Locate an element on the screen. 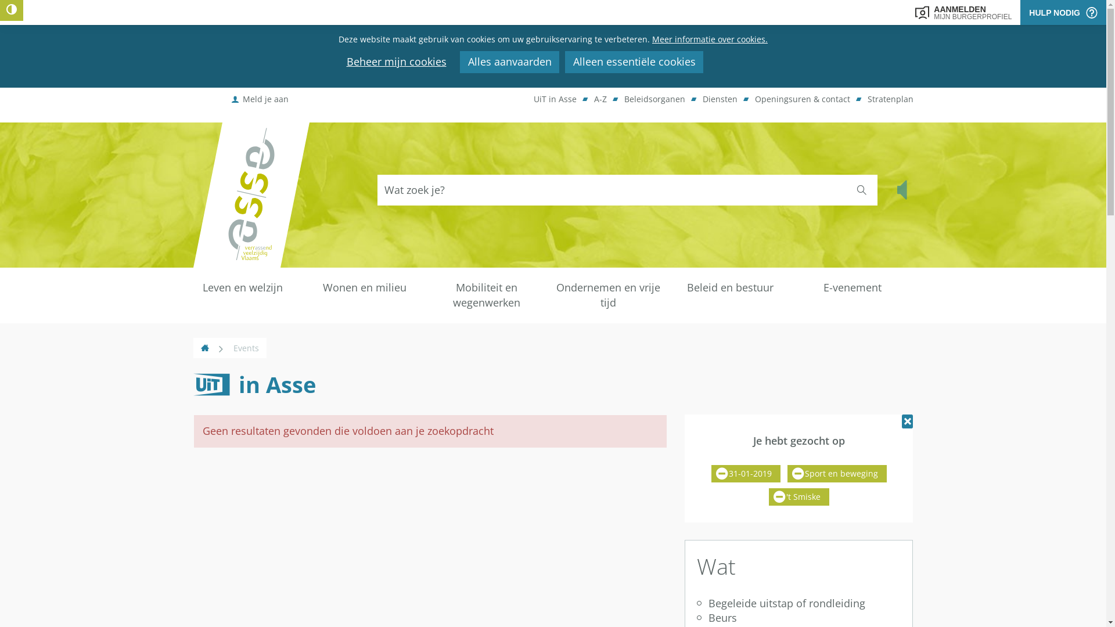  'Wat zoek je?' is located at coordinates (612, 189).